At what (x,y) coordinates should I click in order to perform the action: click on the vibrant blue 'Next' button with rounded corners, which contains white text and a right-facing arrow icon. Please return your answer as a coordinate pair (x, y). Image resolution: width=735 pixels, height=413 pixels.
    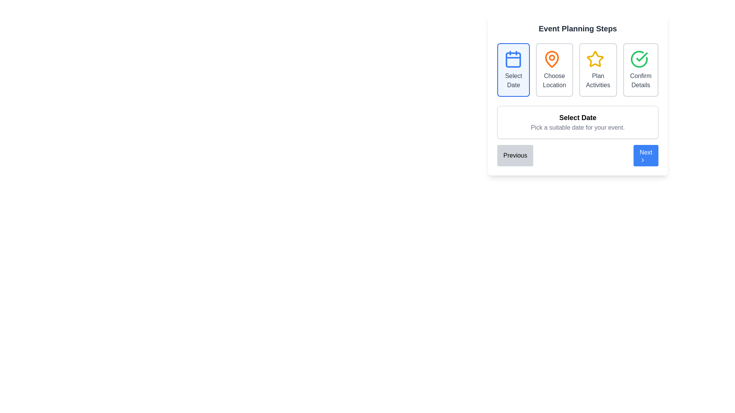
    Looking at the image, I should click on (645, 155).